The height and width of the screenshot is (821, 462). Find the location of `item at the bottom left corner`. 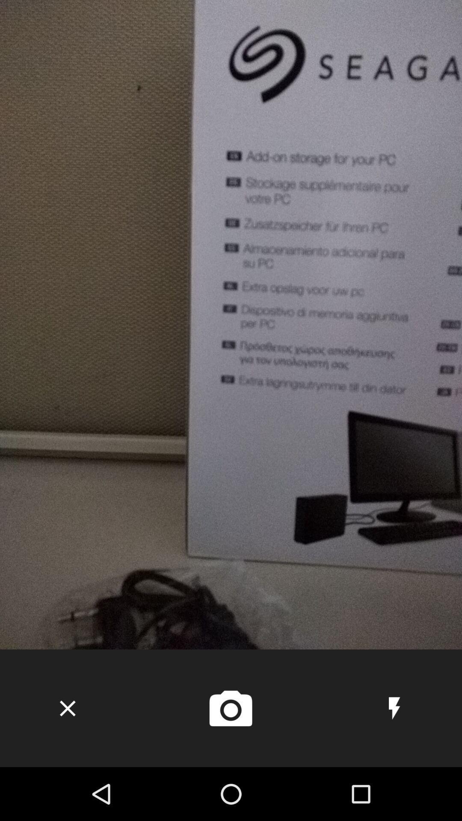

item at the bottom left corner is located at coordinates (67, 708).